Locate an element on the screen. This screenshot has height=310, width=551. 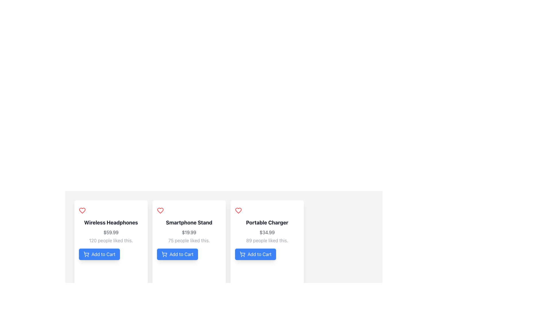
the static text label that displays the count of users who liked the 'Portable Charger' product, located above the blue 'Add to Cart' button is located at coordinates (267, 240).